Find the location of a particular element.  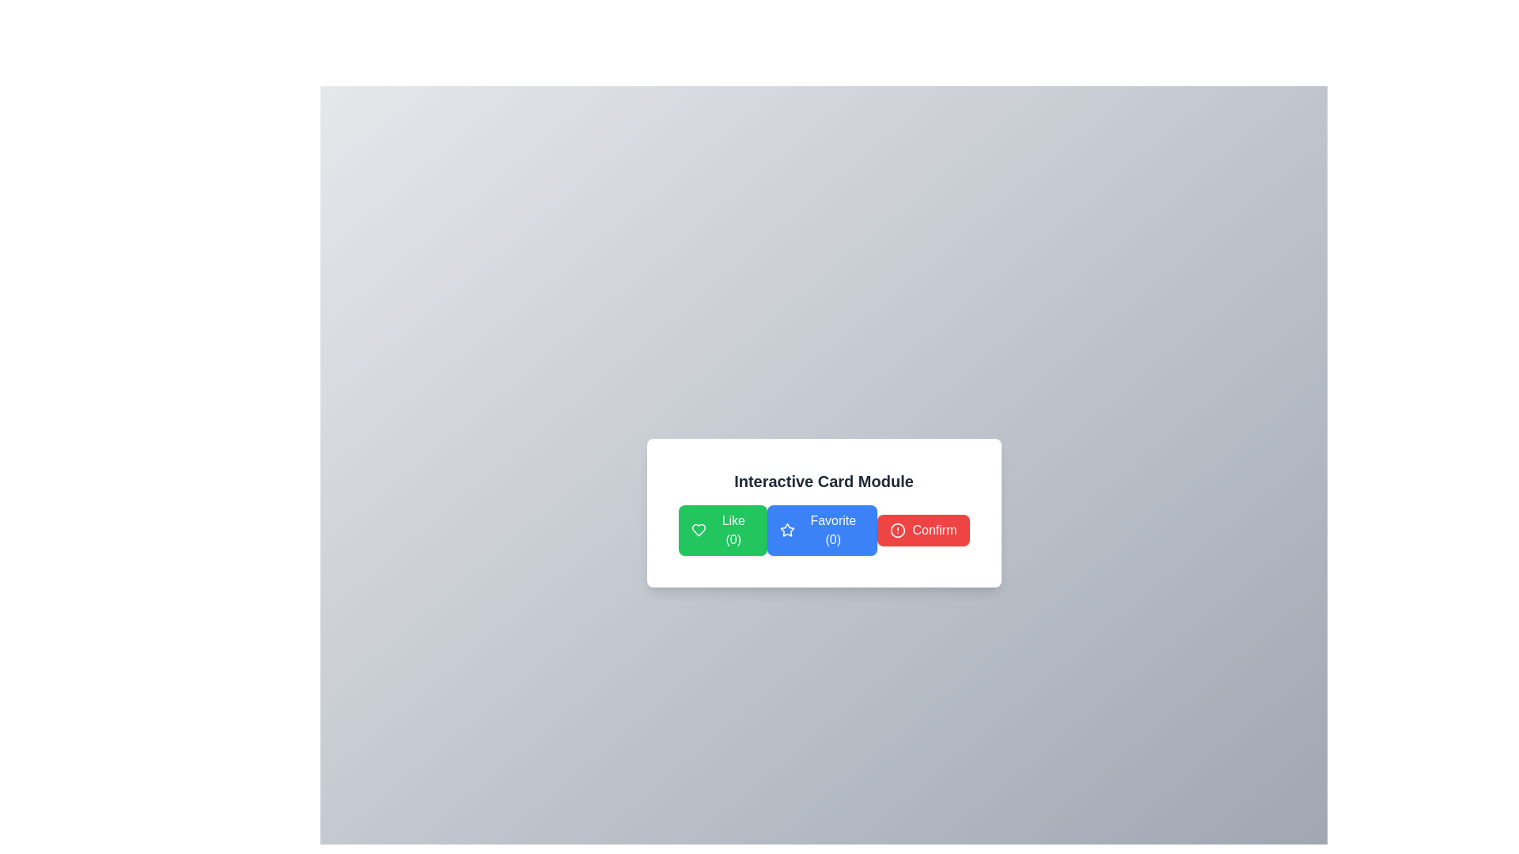

the alert icon located on the left side of the text within the 'Confirm' button, which visually conveys the critical nature of the action is located at coordinates (898, 531).